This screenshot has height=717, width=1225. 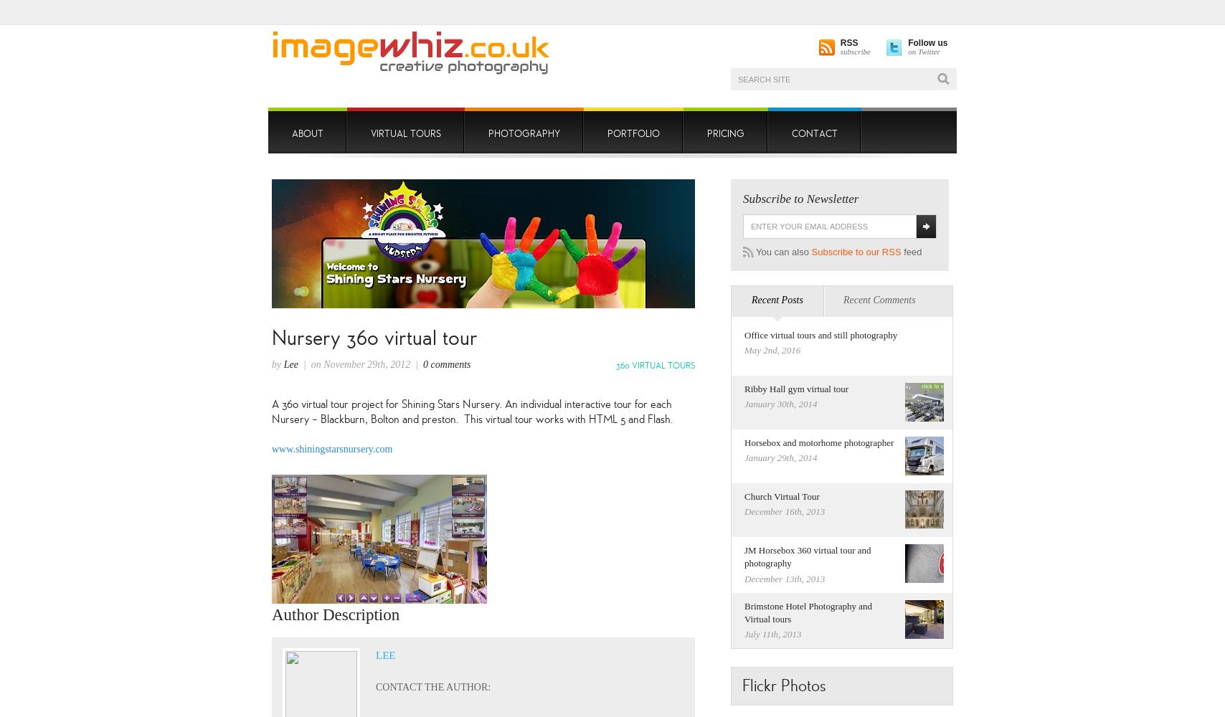 I want to click on 'Flickr Photos', so click(x=783, y=685).